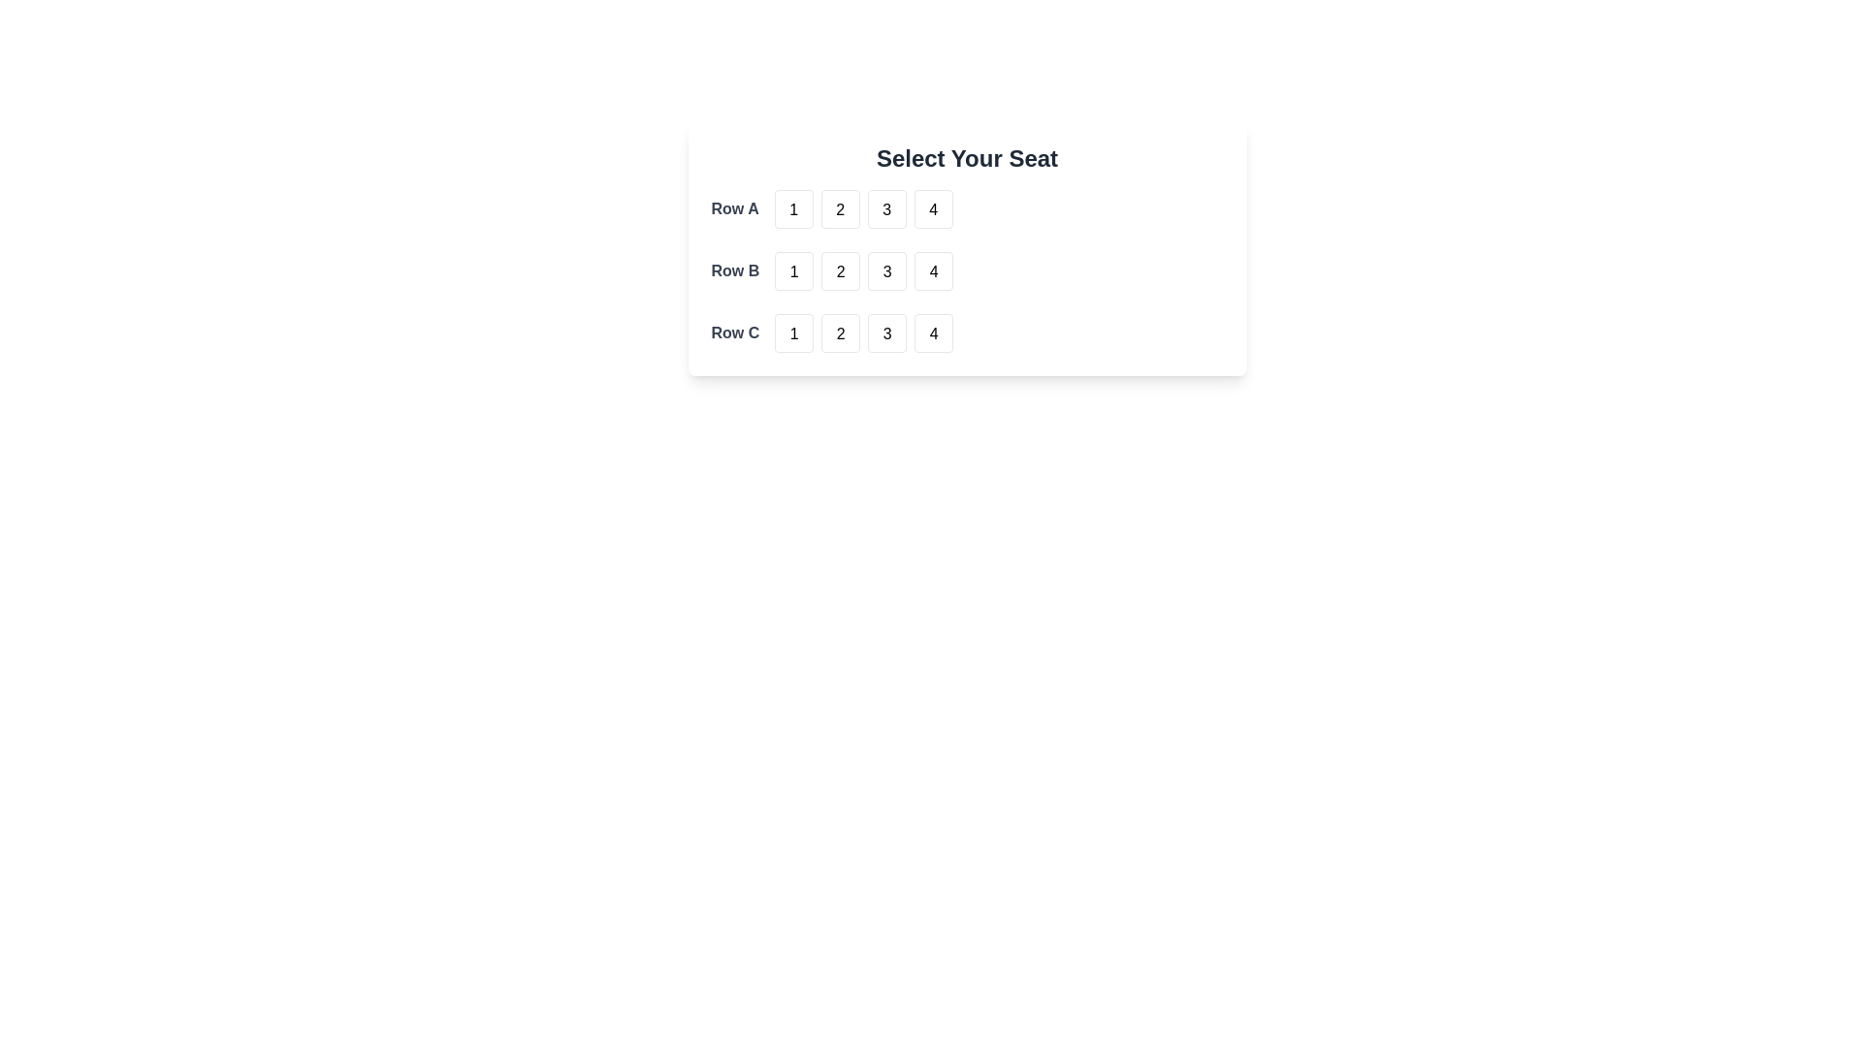  What do you see at coordinates (840, 209) in the screenshot?
I see `the rounded rectangular button labeled '2', which has a white background and a black digit '2' centered within it` at bounding box center [840, 209].